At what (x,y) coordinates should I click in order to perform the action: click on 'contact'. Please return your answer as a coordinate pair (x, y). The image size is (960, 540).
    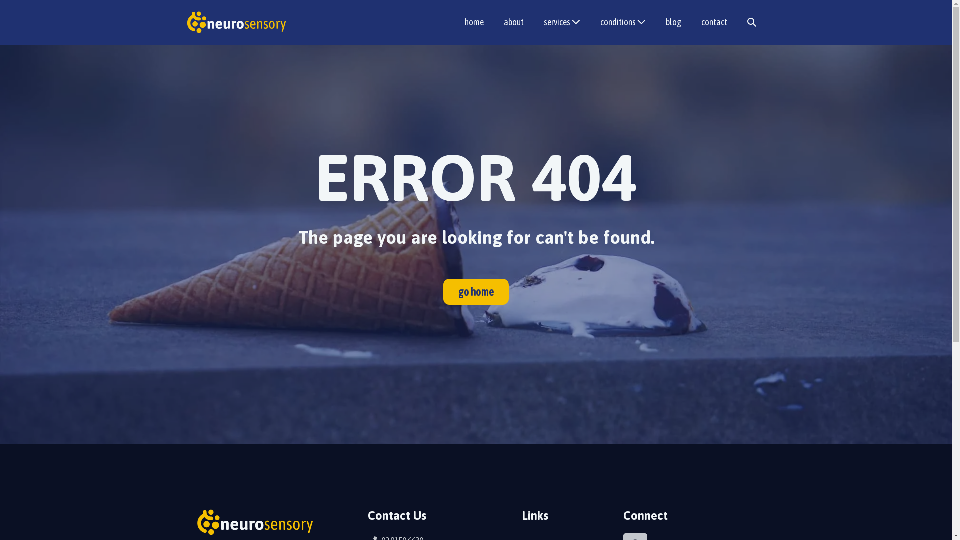
    Looking at the image, I should click on (713, 22).